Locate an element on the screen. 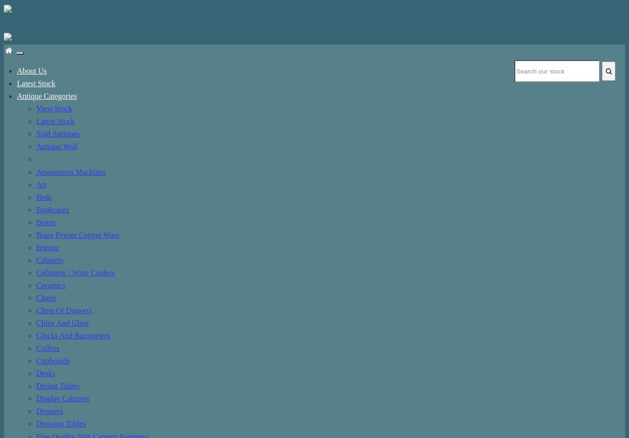 This screenshot has height=438, width=629. 'Antique Wall' is located at coordinates (56, 146).